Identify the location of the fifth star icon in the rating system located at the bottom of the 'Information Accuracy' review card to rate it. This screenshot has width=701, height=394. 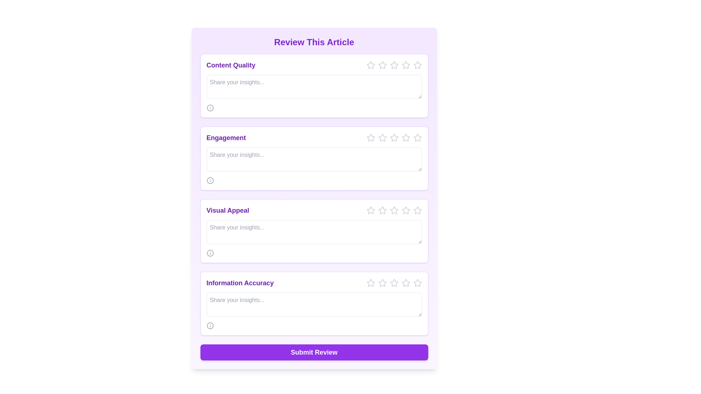
(405, 282).